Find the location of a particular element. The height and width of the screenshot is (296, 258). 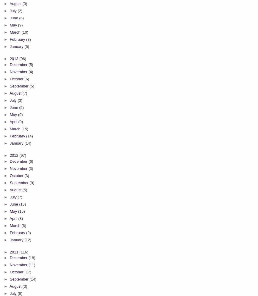

'(11)' is located at coordinates (32, 264).